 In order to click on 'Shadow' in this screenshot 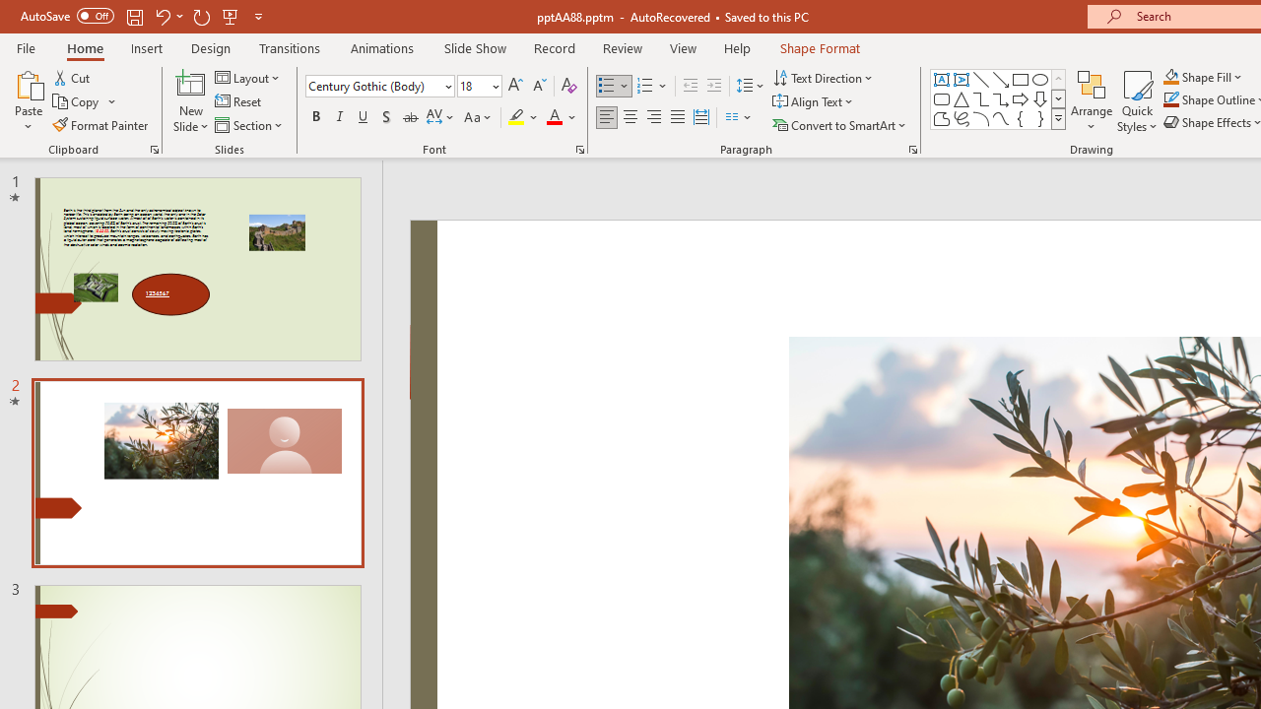, I will do `click(386, 117)`.